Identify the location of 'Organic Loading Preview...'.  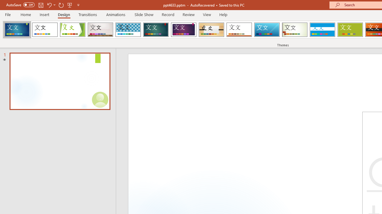
(211, 30).